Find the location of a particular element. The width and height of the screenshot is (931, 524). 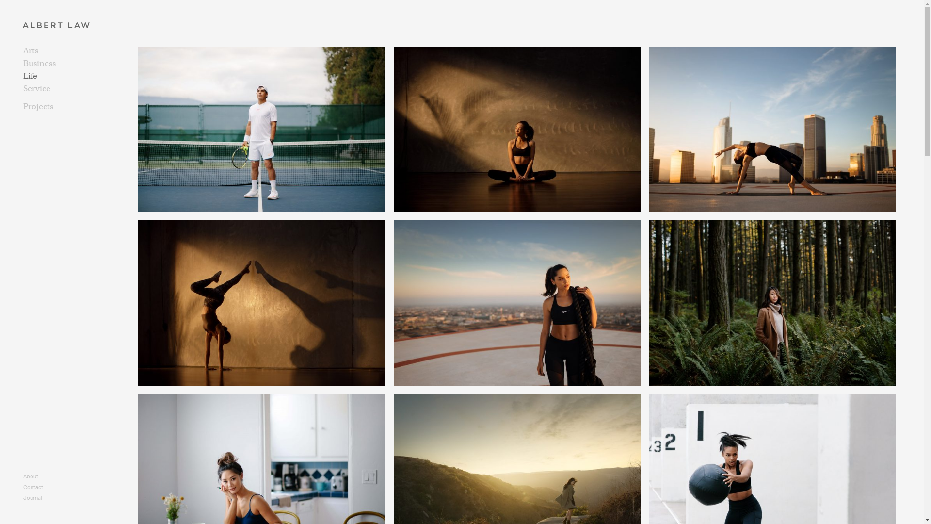

'Contact' is located at coordinates (33, 487).